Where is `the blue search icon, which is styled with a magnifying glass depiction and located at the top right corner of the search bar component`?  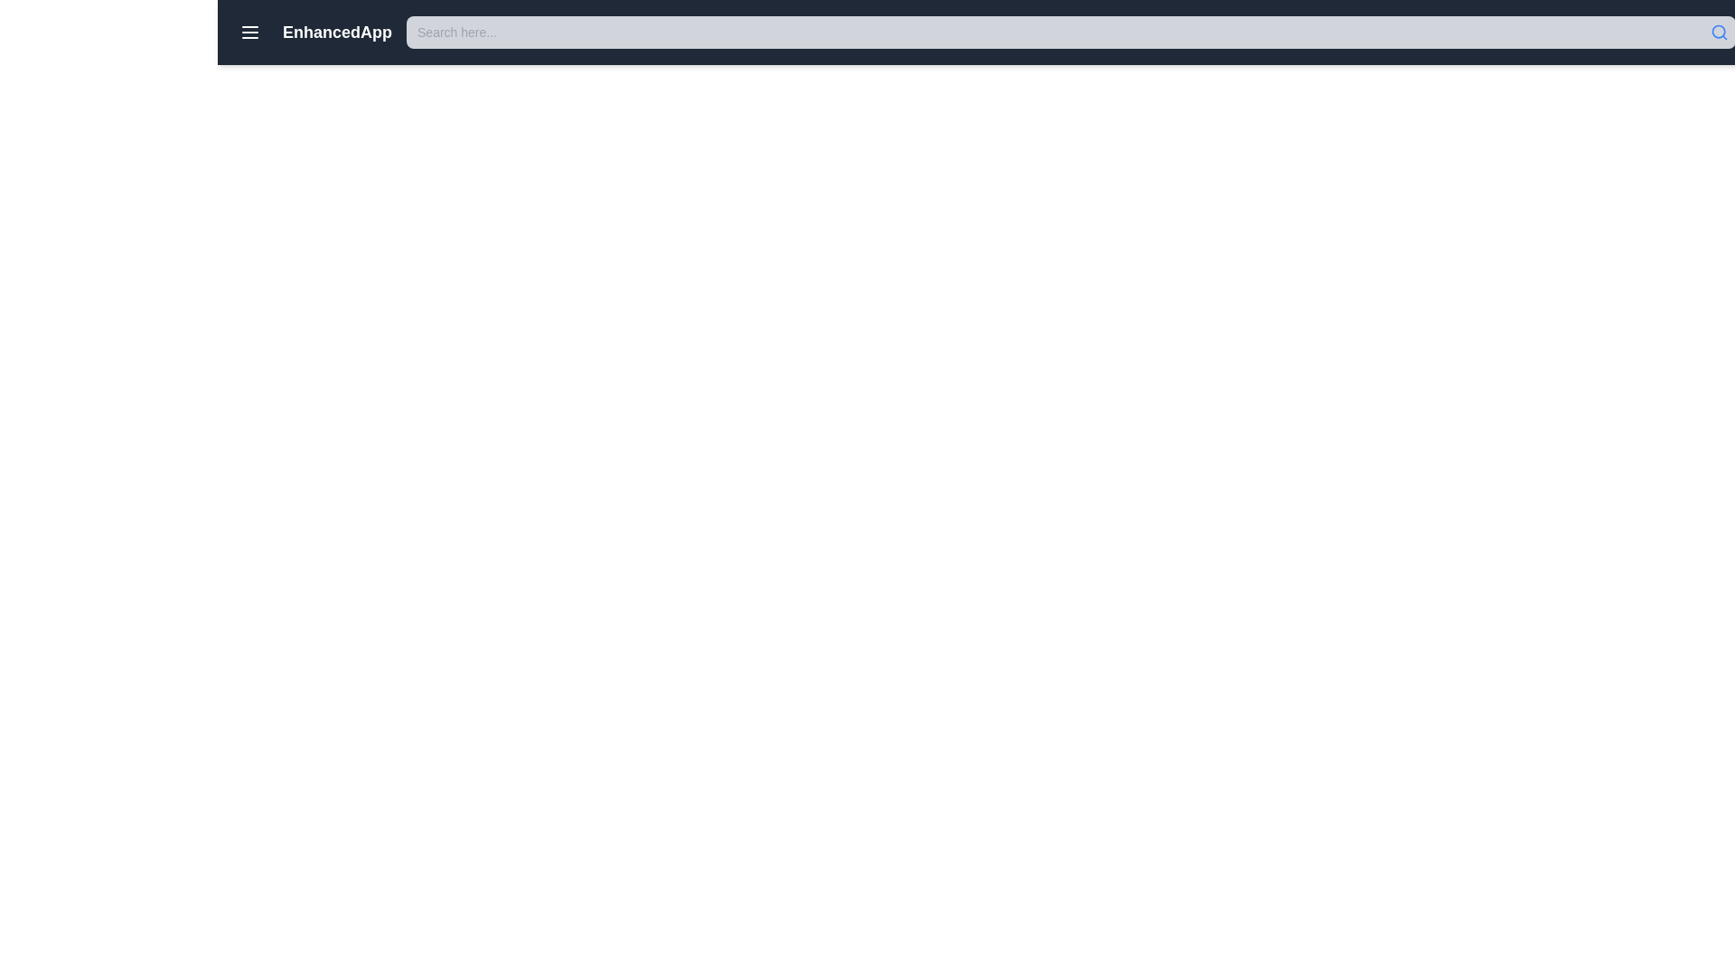
the blue search icon, which is styled with a magnifying glass depiction and located at the top right corner of the search bar component is located at coordinates (1718, 32).